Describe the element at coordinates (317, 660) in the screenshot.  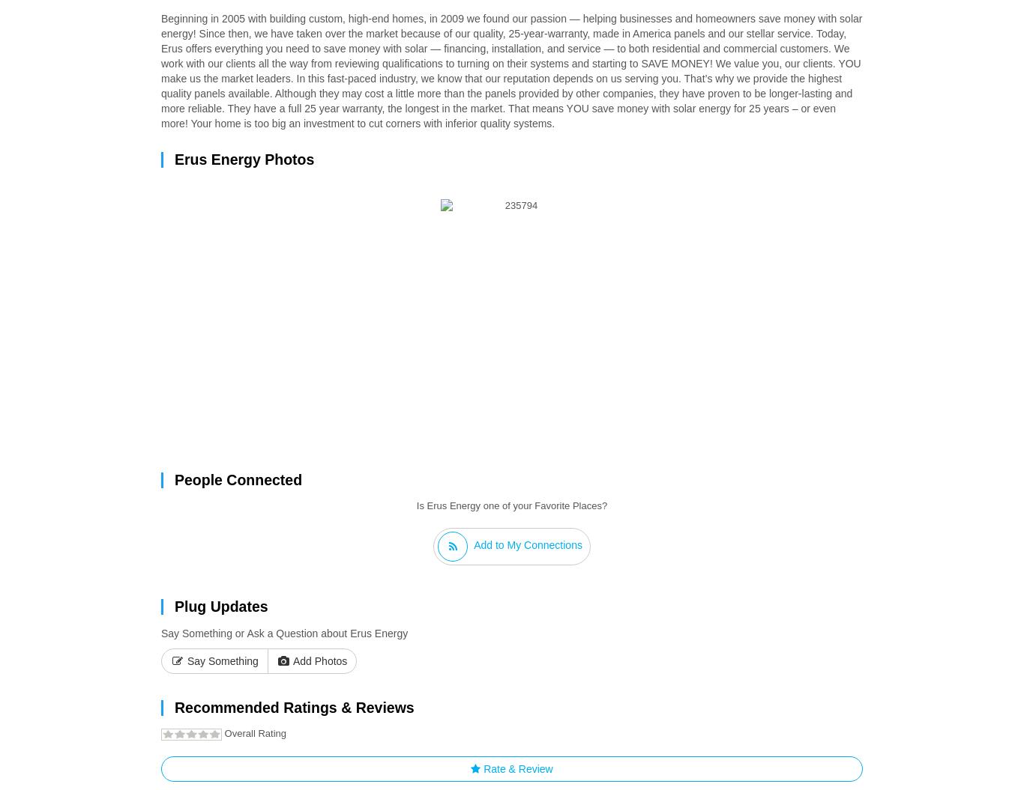
I see `'Add Photos'` at that location.